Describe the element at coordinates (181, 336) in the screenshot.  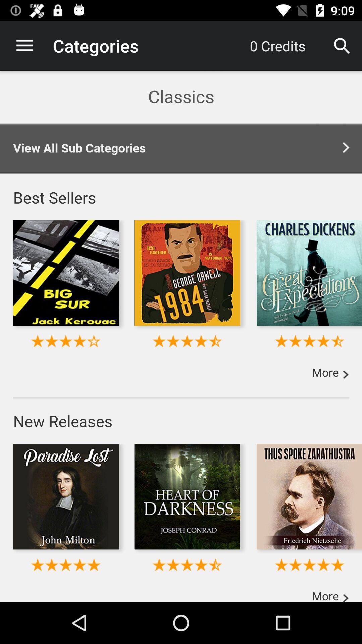
I see `advertisement page` at that location.